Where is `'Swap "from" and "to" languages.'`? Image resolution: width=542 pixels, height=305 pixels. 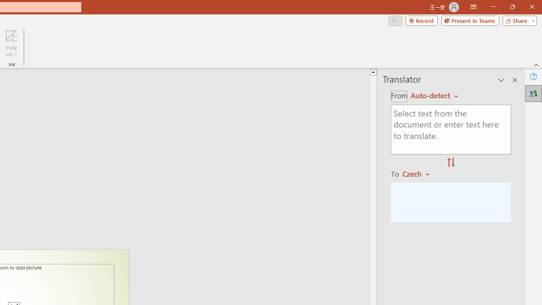
'Swap "from" and "to" languages.' is located at coordinates (451, 163).